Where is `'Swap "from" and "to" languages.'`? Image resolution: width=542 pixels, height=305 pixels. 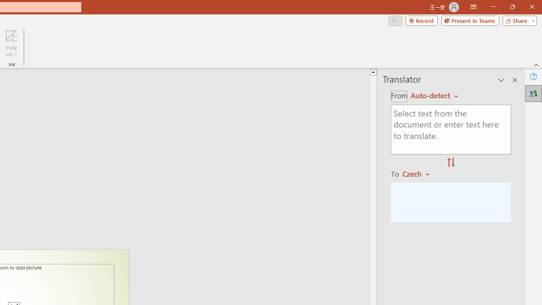
'Swap "from" and "to" languages.' is located at coordinates (451, 163).